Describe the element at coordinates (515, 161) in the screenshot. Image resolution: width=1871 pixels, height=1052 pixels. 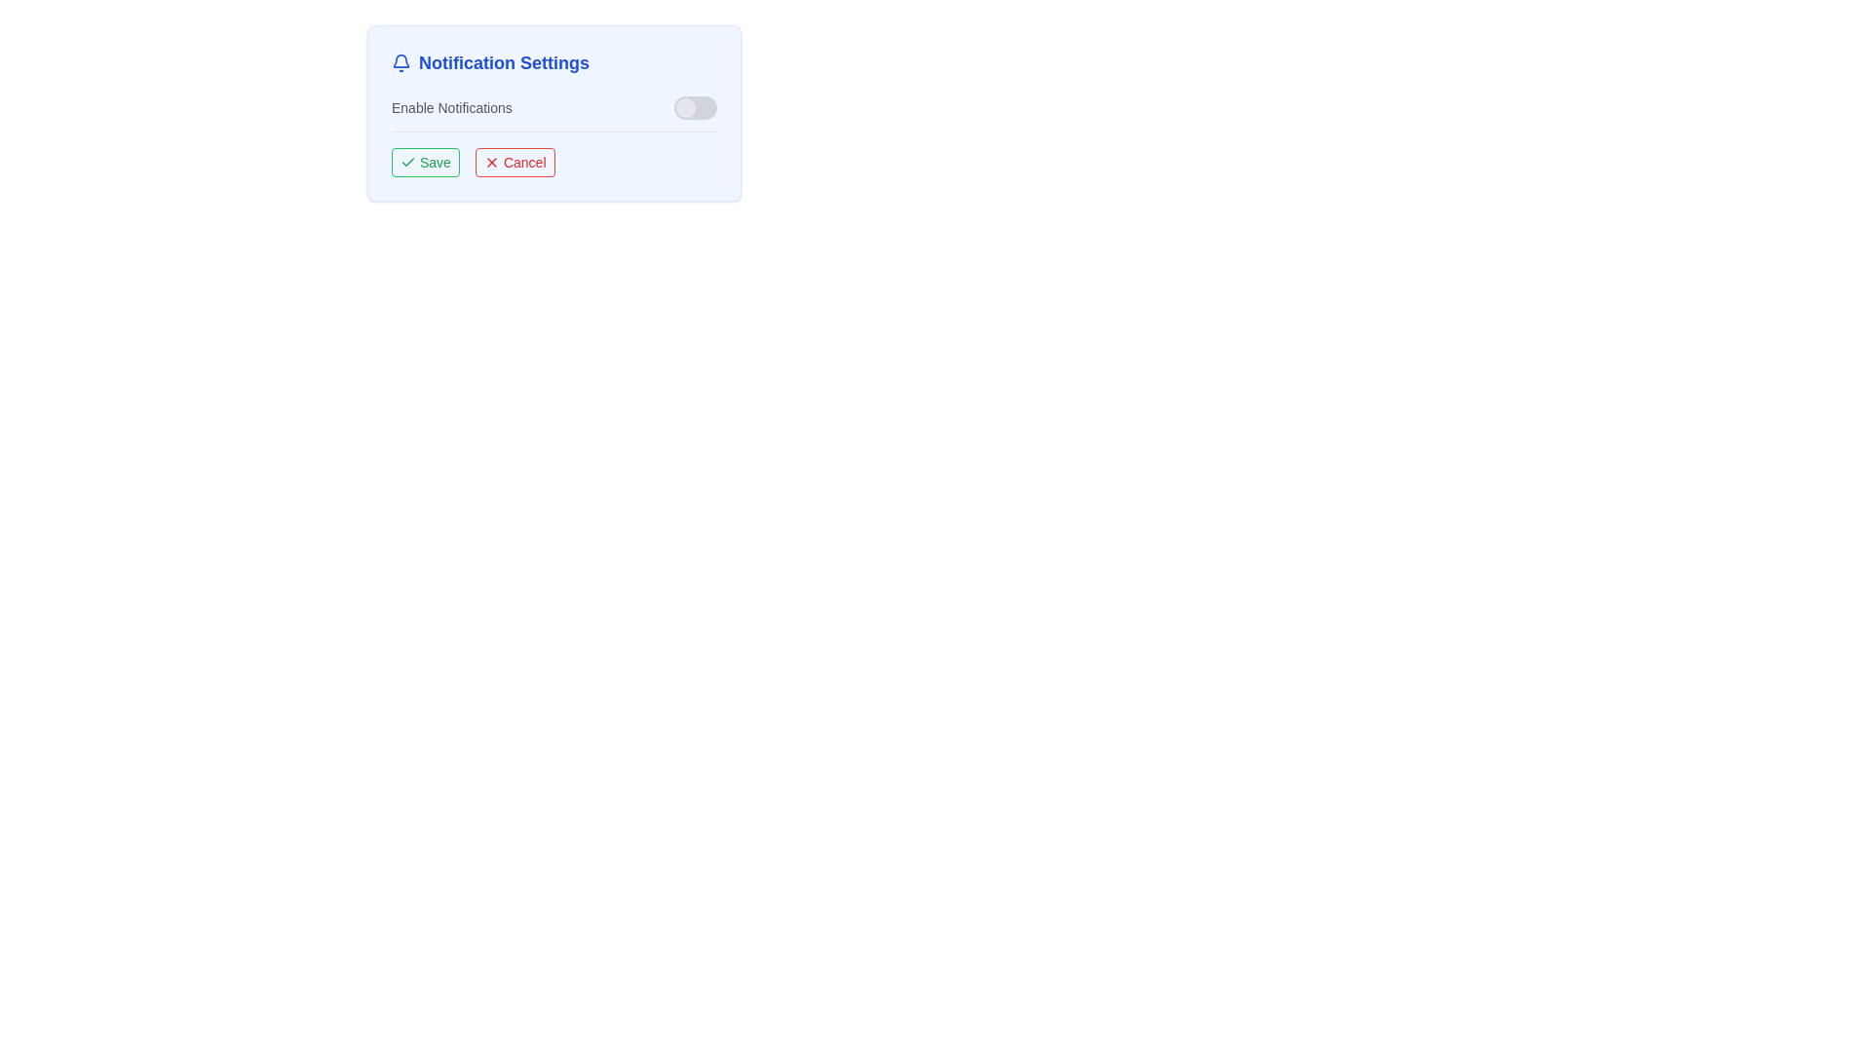
I see `the 'Cancel' button, which is visually represented with a bold red font and an 'X' icon, located to the right of the 'Save' button in the dialog layout` at that location.